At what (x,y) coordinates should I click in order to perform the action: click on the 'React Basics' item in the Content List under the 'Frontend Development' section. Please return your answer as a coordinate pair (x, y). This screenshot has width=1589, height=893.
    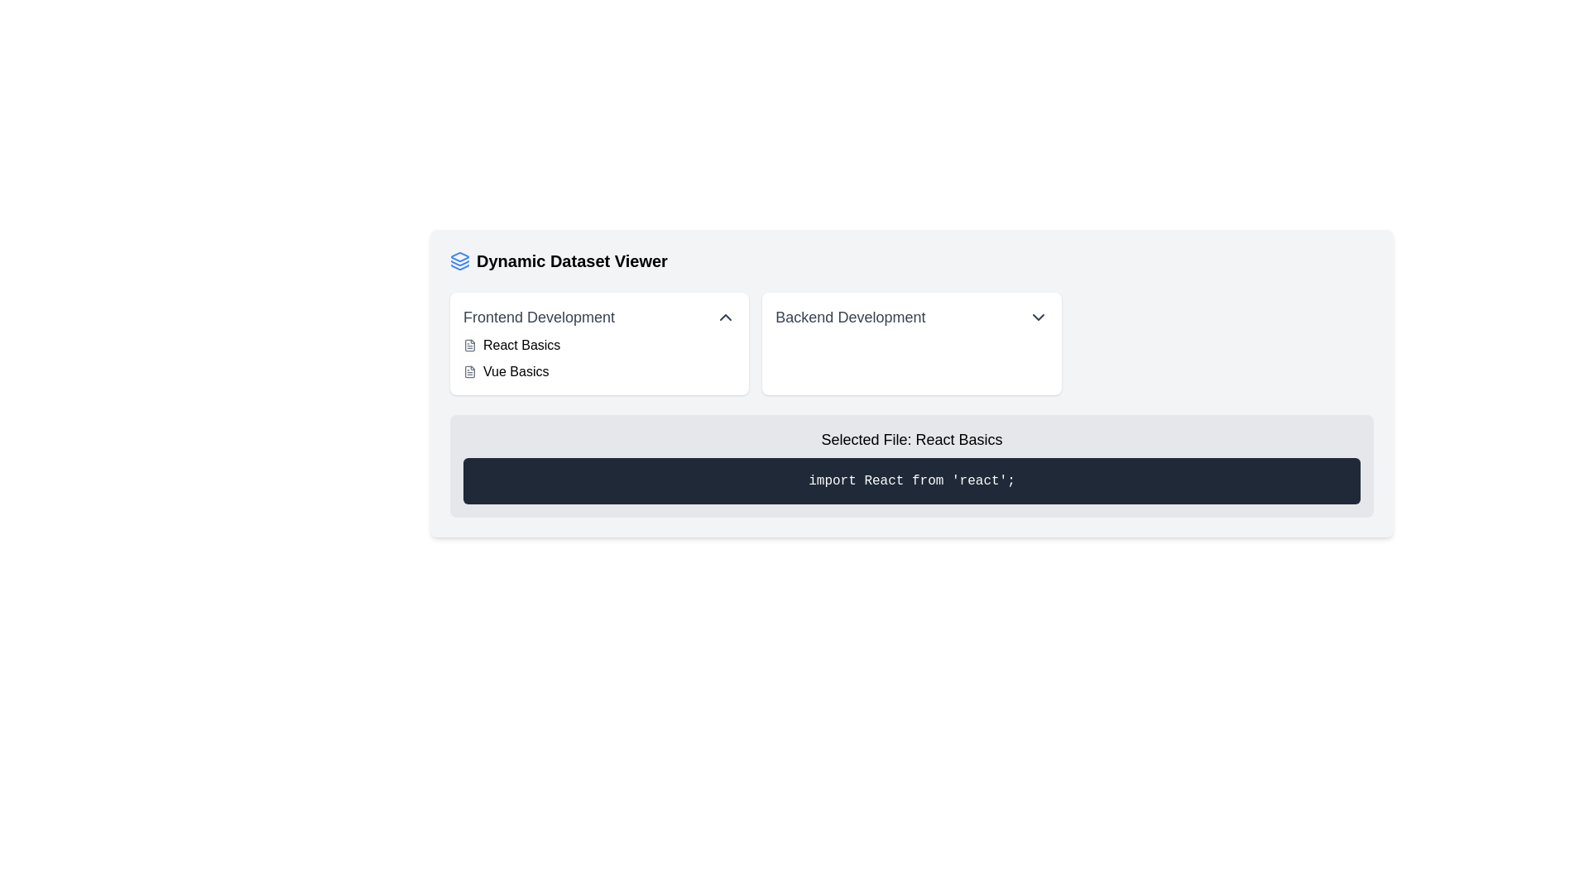
    Looking at the image, I should click on (598, 358).